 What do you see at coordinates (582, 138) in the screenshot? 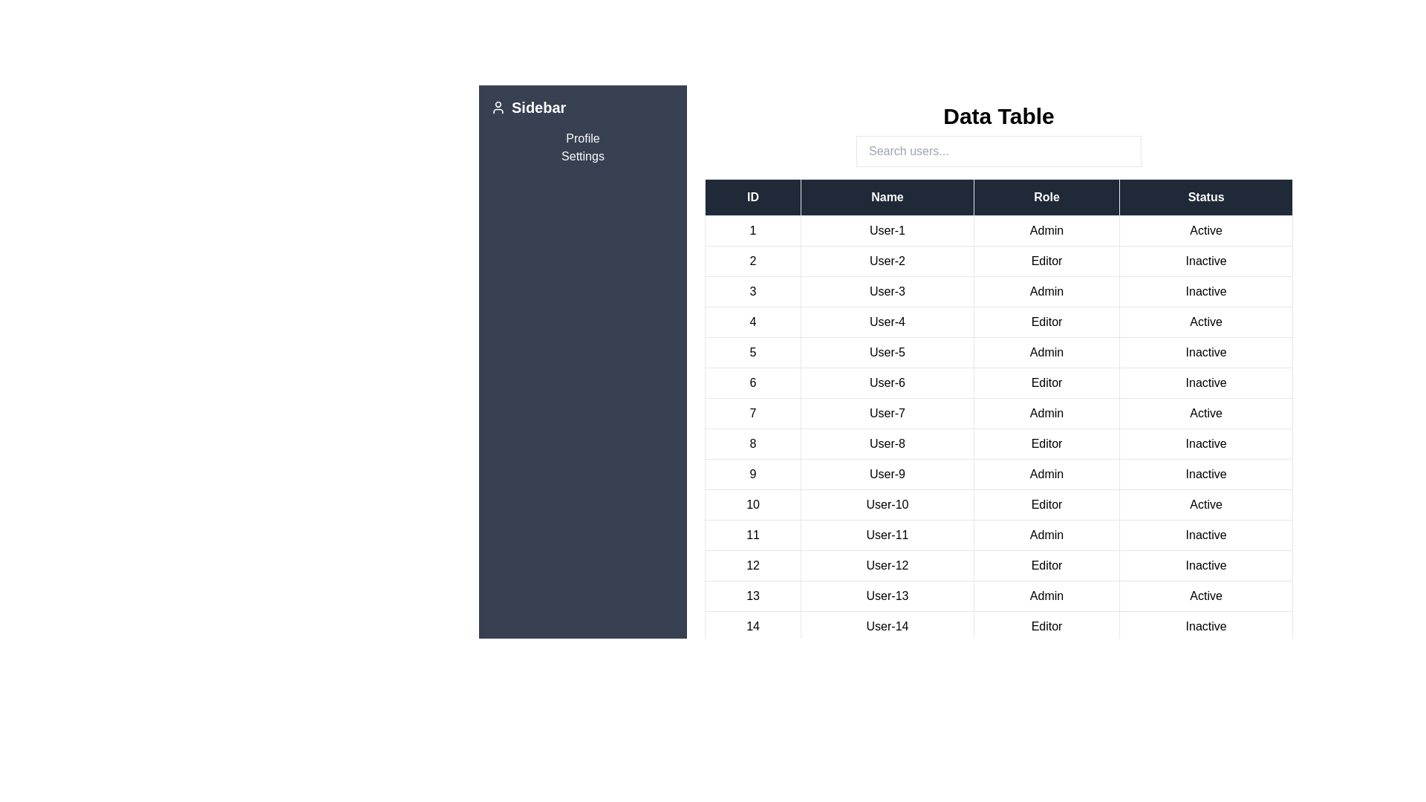
I see `the sidebar link Profile to navigate` at bounding box center [582, 138].